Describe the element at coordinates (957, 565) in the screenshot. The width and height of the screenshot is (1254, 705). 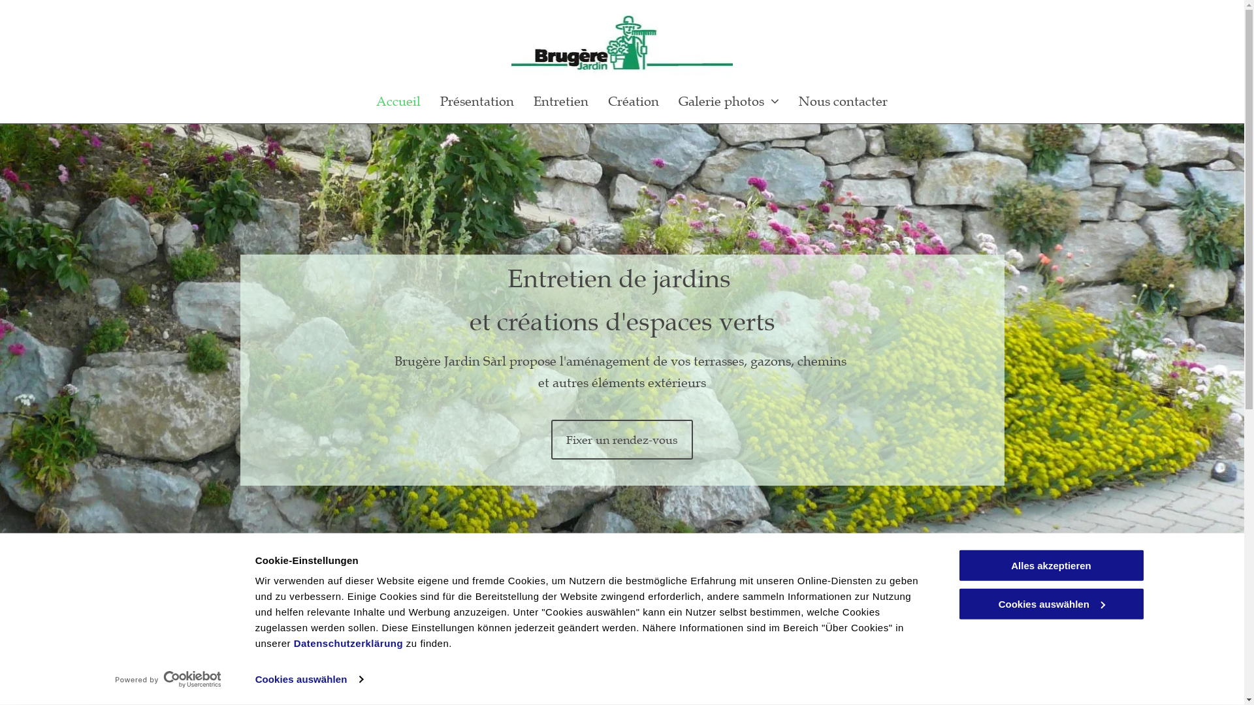
I see `'Alles akzeptieren'` at that location.